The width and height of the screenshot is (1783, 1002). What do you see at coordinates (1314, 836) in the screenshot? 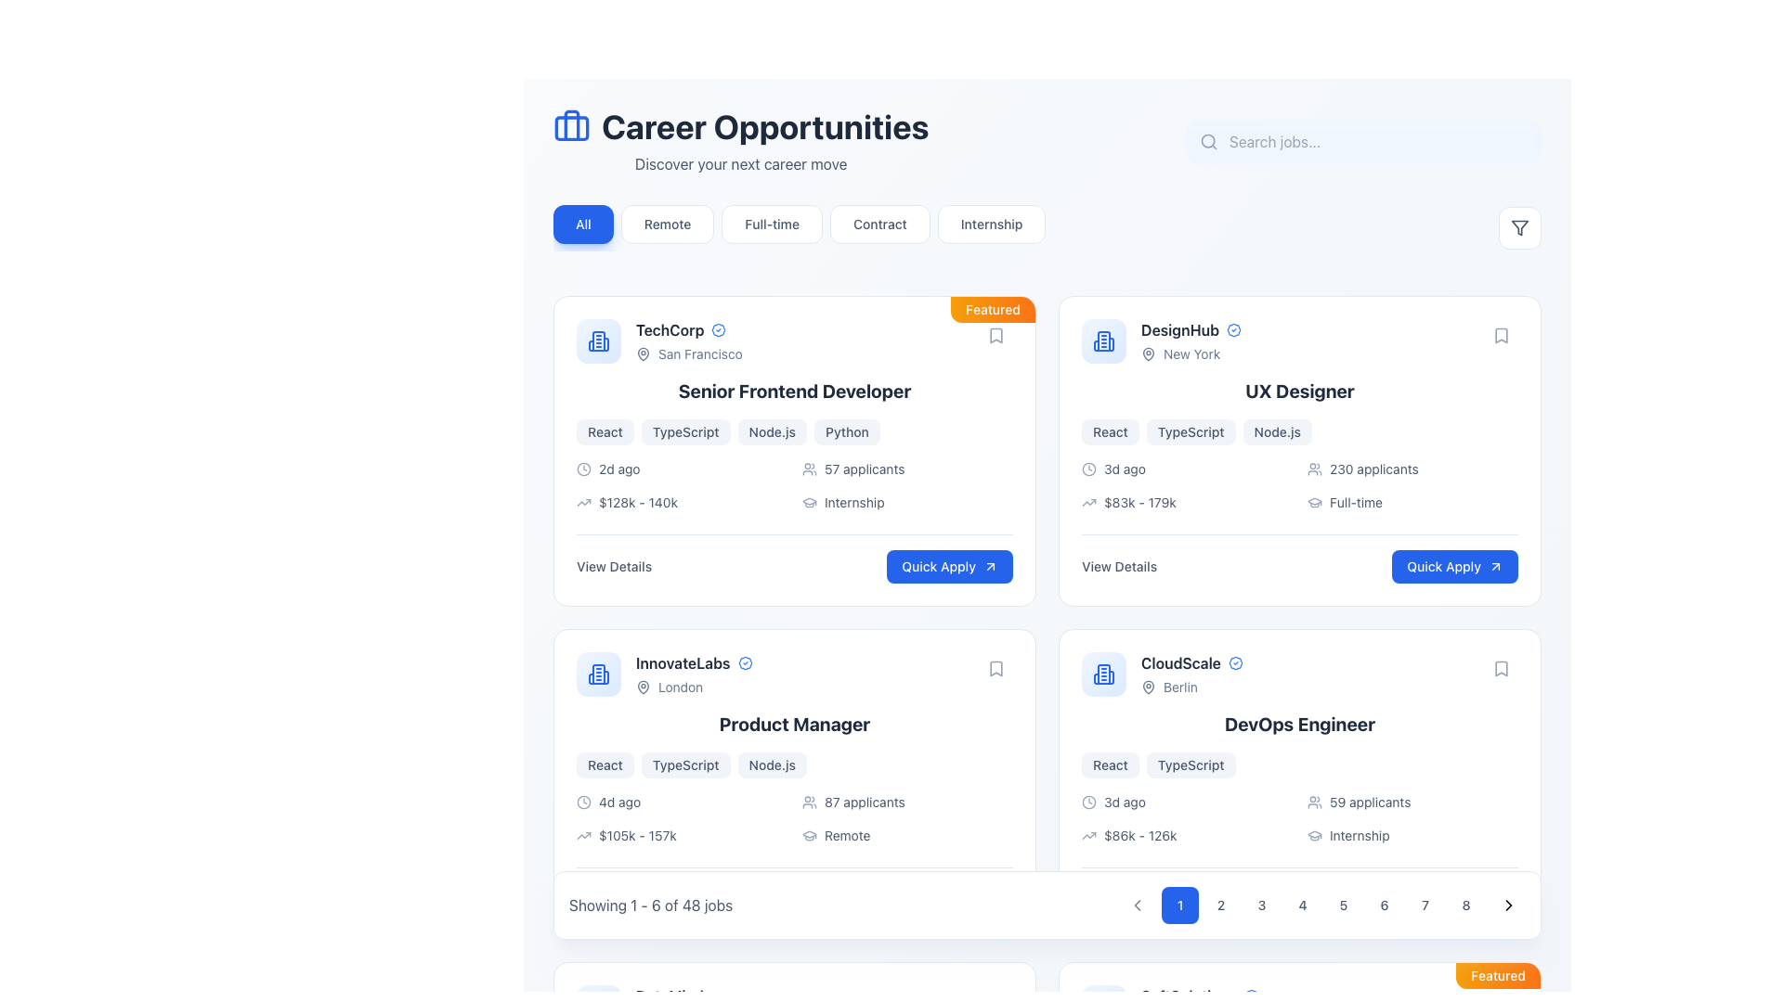
I see `the graduation cap icon located to the left of the text 'Internship' under the job posting 'DevOps Engineer' for 'CloudScale'` at bounding box center [1314, 836].